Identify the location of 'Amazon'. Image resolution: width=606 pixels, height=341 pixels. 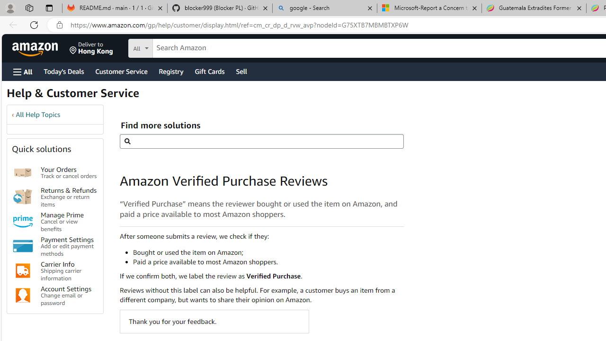
(36, 48).